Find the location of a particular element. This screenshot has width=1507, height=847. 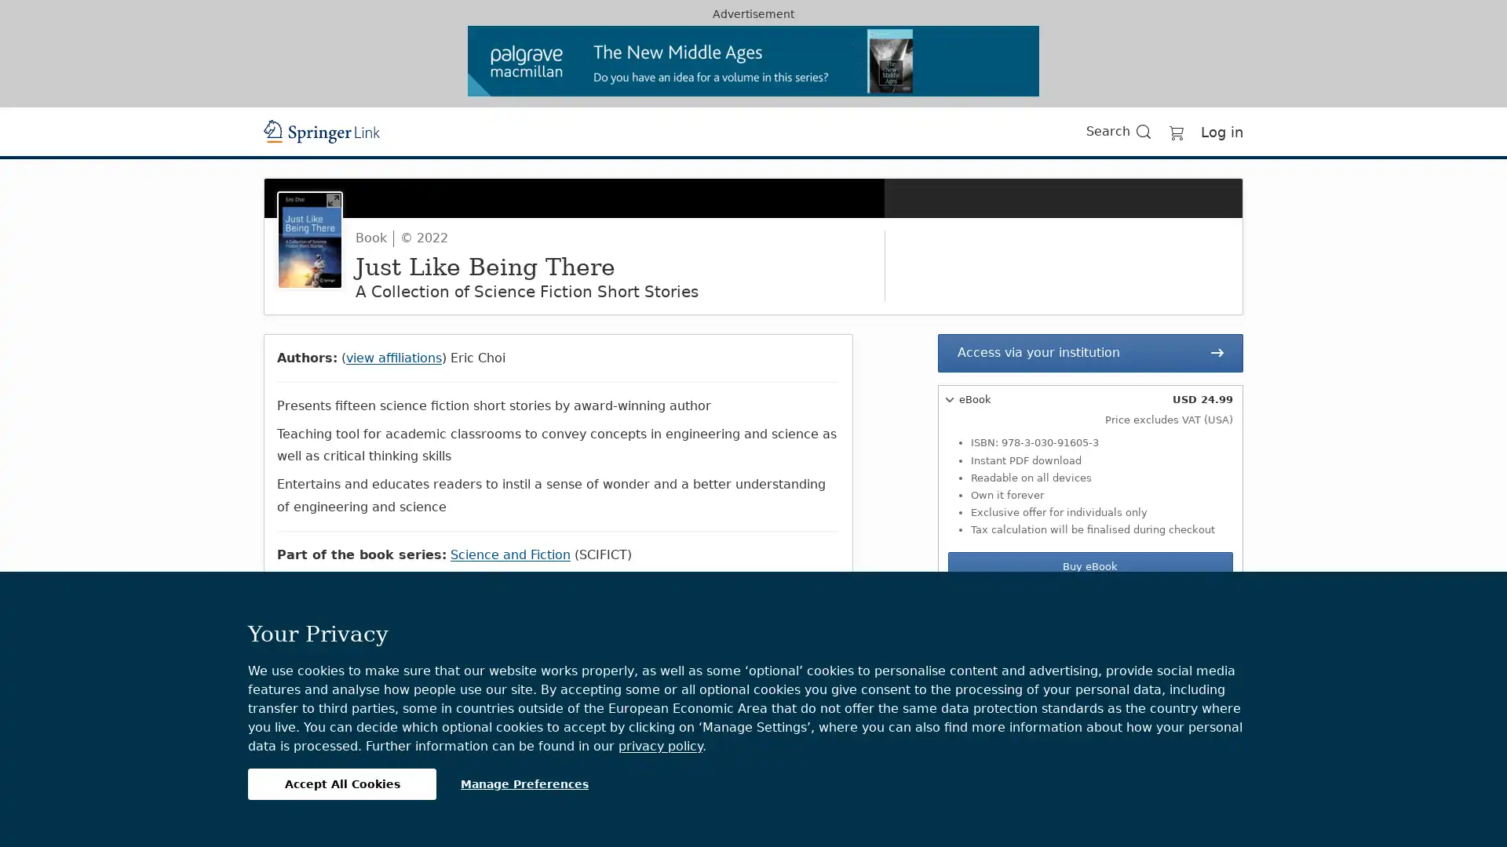

Softcover Book USD 34.99 is located at coordinates (1089, 604).